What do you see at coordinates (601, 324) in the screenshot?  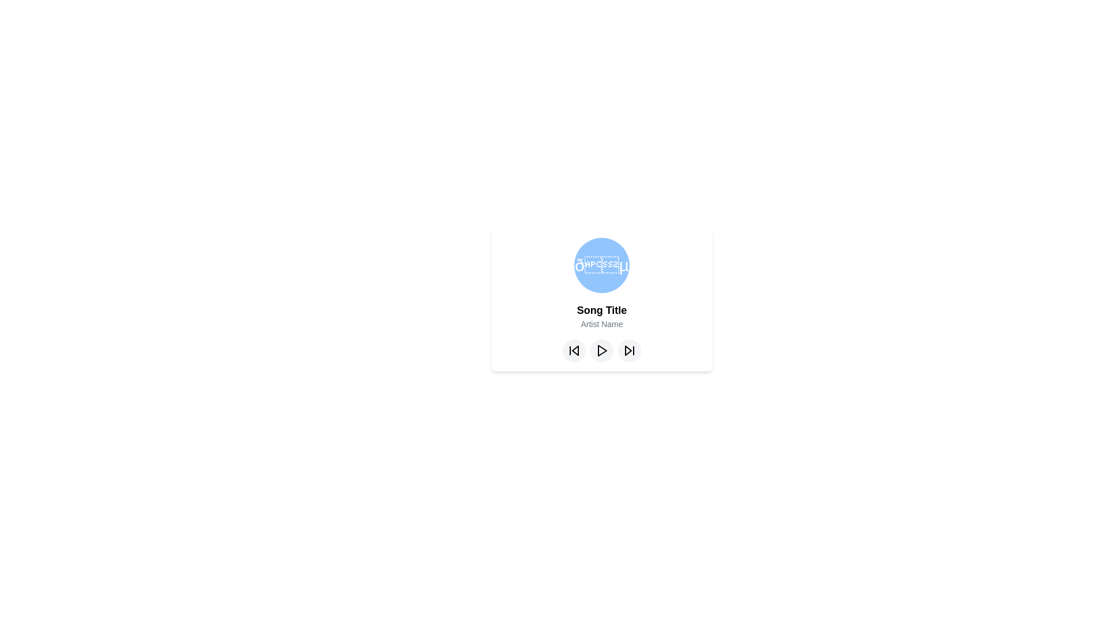 I see `the text label displaying 'Artist Name' in gray color, located directly below the 'Song Title'` at bounding box center [601, 324].